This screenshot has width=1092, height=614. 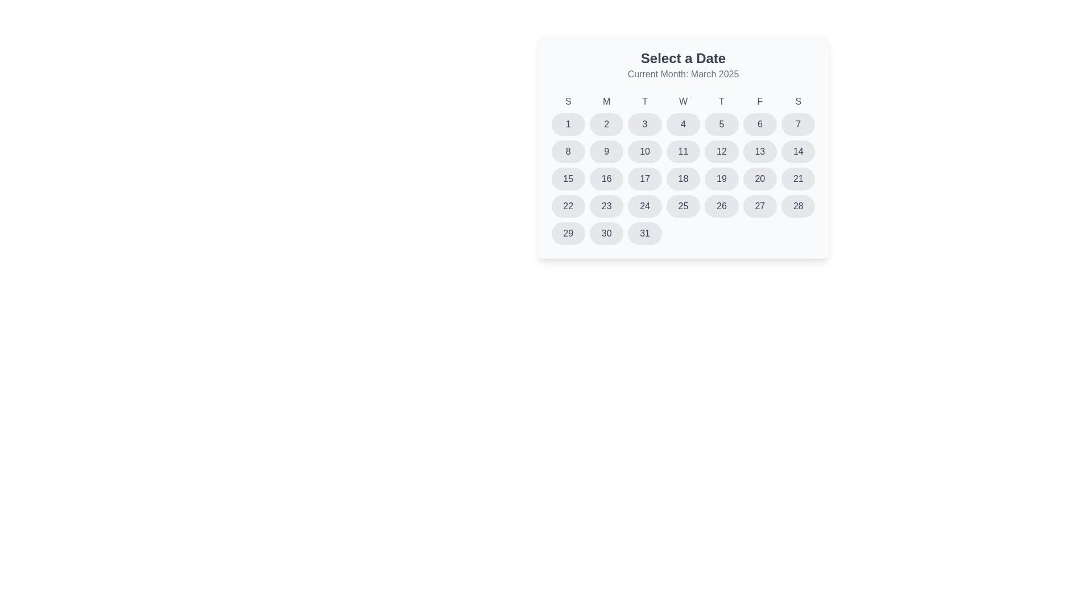 What do you see at coordinates (682, 146) in the screenshot?
I see `a date in the compact calendar view component titled 'Select a Date' for the month of 'March 2025'` at bounding box center [682, 146].